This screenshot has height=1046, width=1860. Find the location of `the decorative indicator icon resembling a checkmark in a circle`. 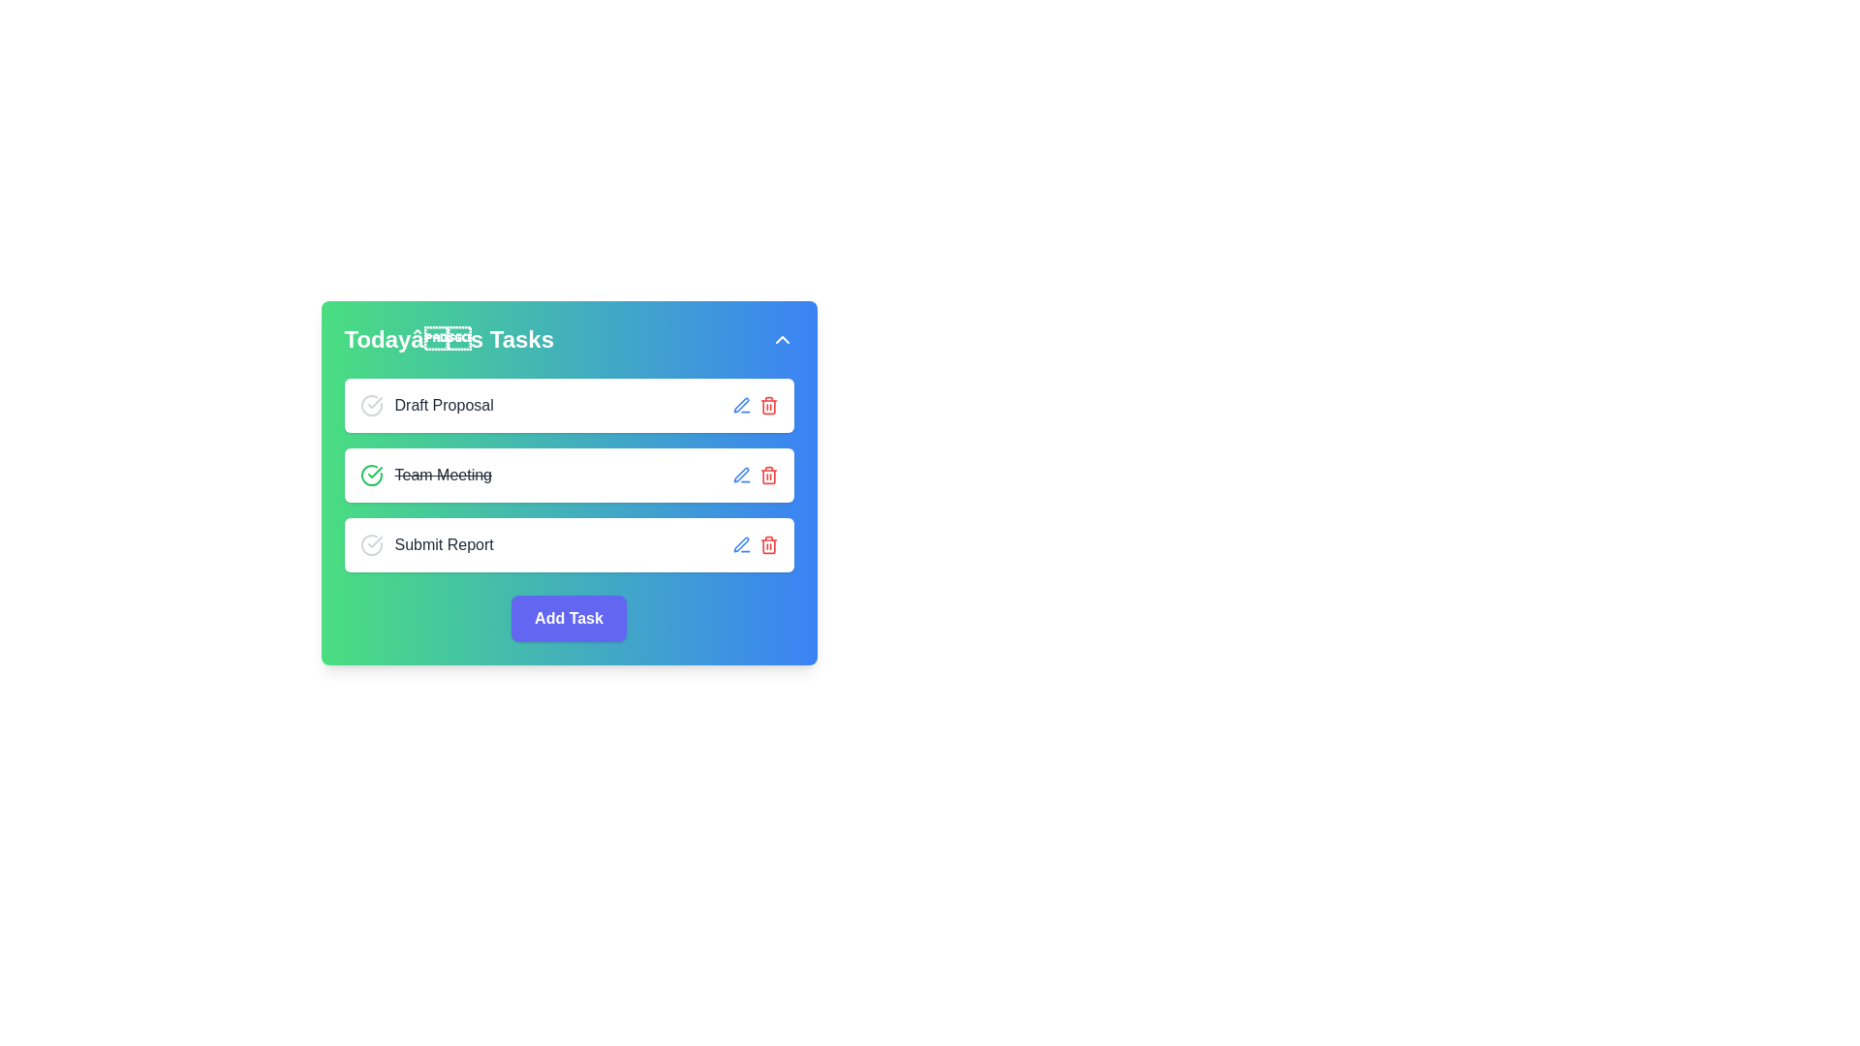

the decorative indicator icon resembling a checkmark in a circle is located at coordinates (371, 405).